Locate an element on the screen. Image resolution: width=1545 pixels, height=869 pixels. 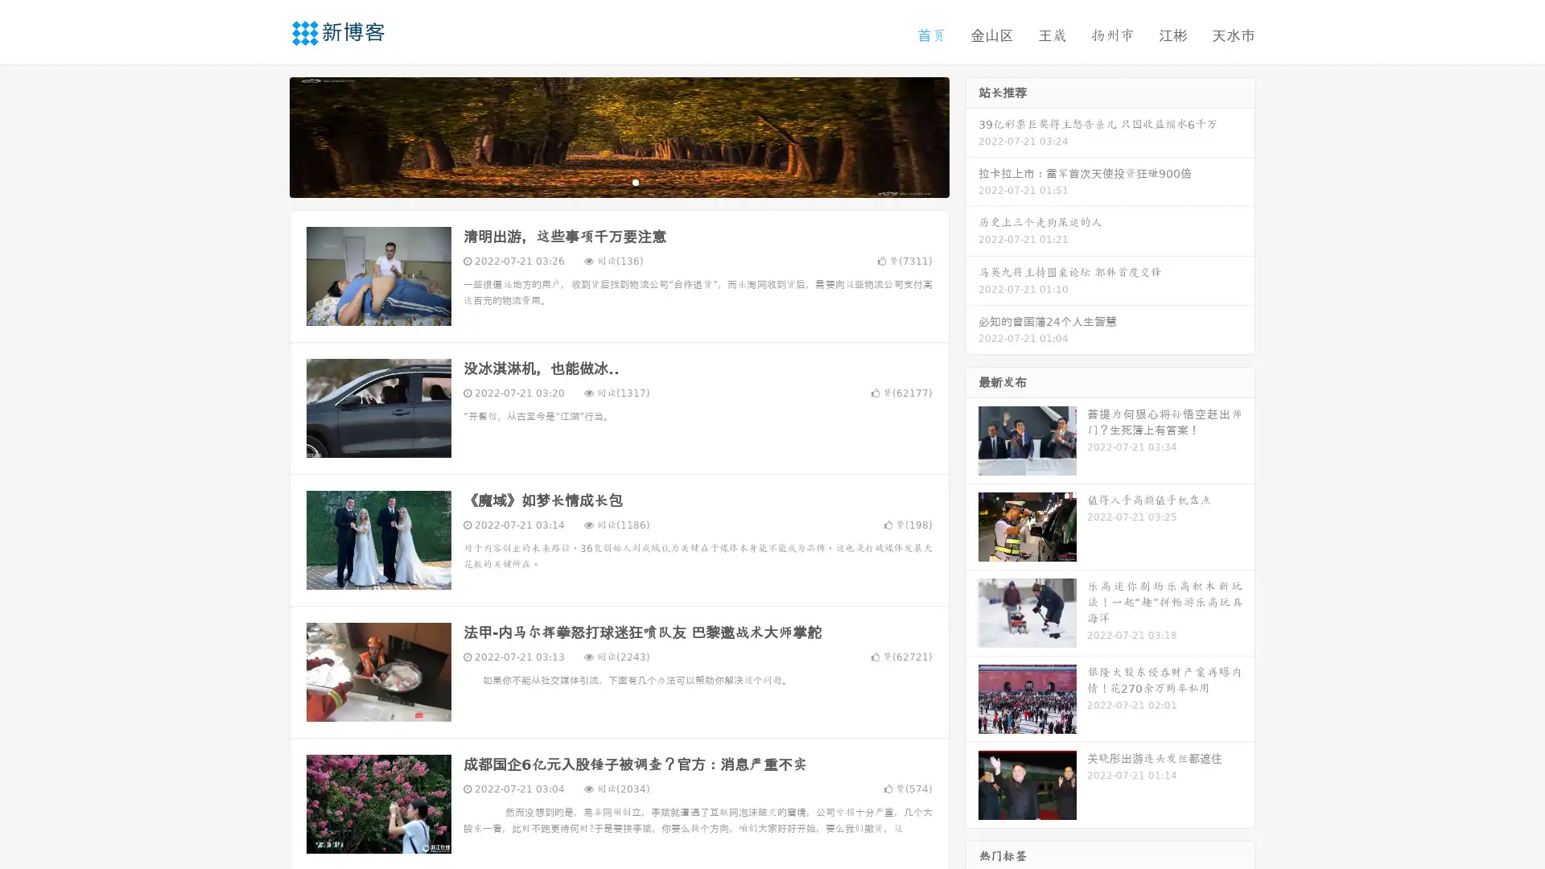
Go to slide 3 is located at coordinates (635, 181).